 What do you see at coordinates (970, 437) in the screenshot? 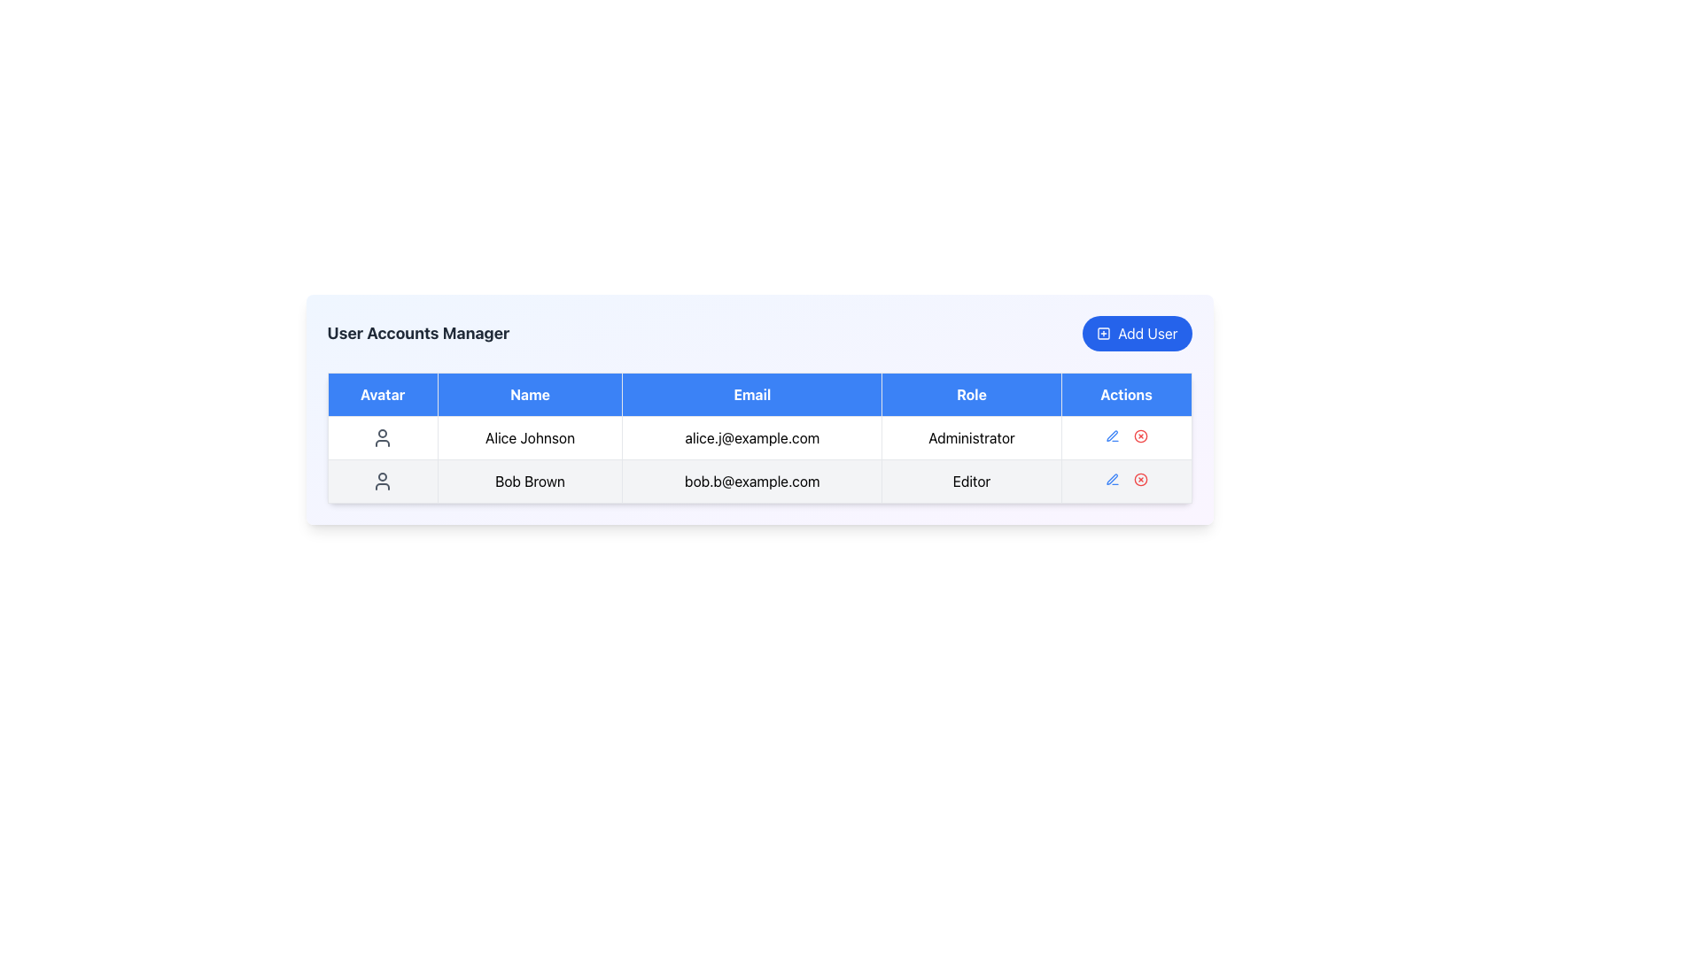
I see `the text label displaying the role assigned to the user 'Alice Johnson' in the user account information table, located in the 'Role' column` at bounding box center [970, 437].